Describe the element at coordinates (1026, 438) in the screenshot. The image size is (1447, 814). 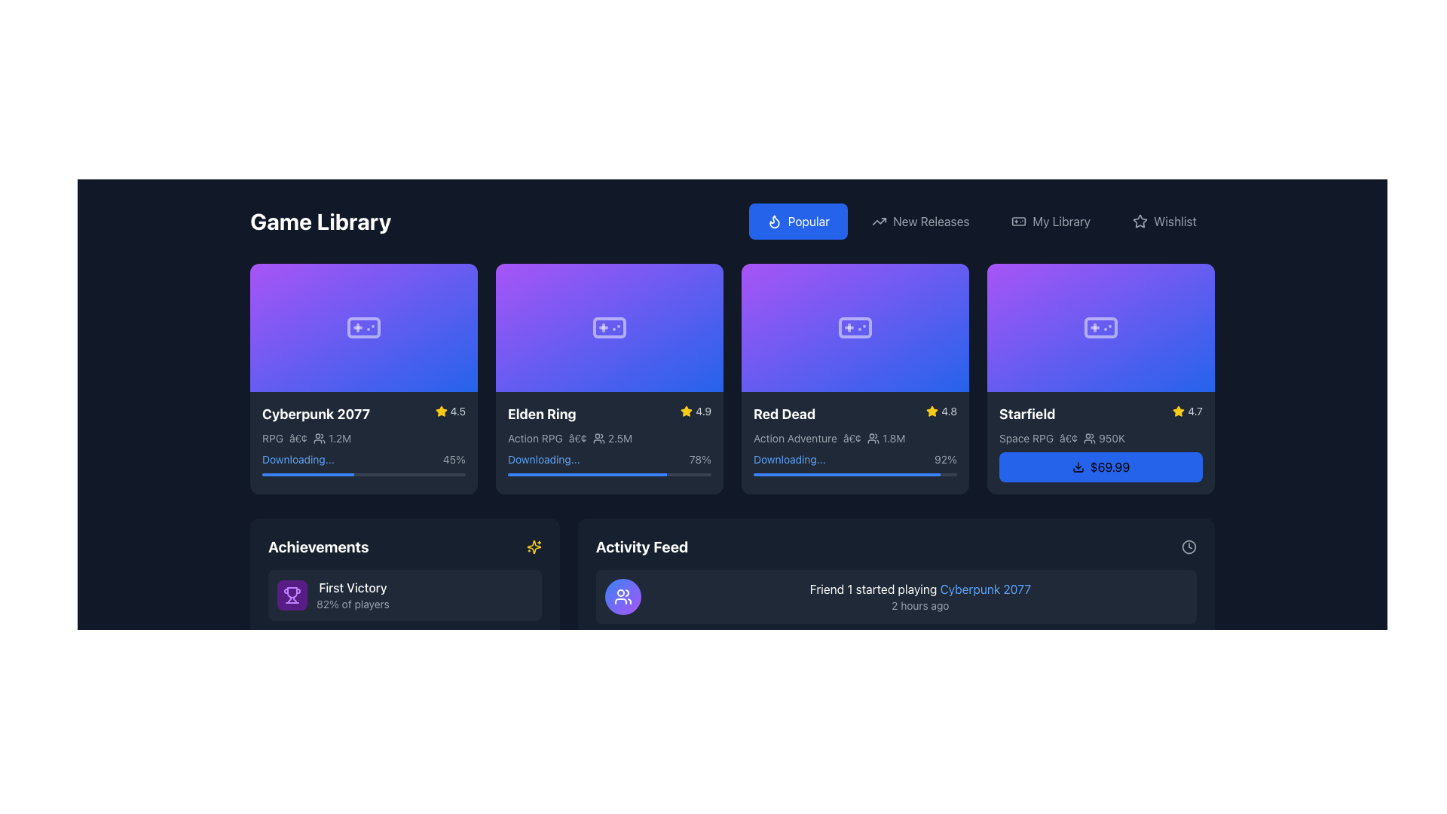
I see `the static text label displaying the genre classification of the game 'Starfield', located in the lower section of the fourth card in the 'Popular' games section` at that location.